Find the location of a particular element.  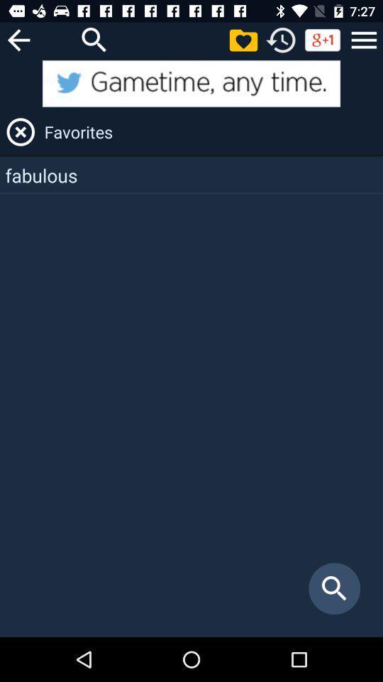

adding button is located at coordinates (243, 39).